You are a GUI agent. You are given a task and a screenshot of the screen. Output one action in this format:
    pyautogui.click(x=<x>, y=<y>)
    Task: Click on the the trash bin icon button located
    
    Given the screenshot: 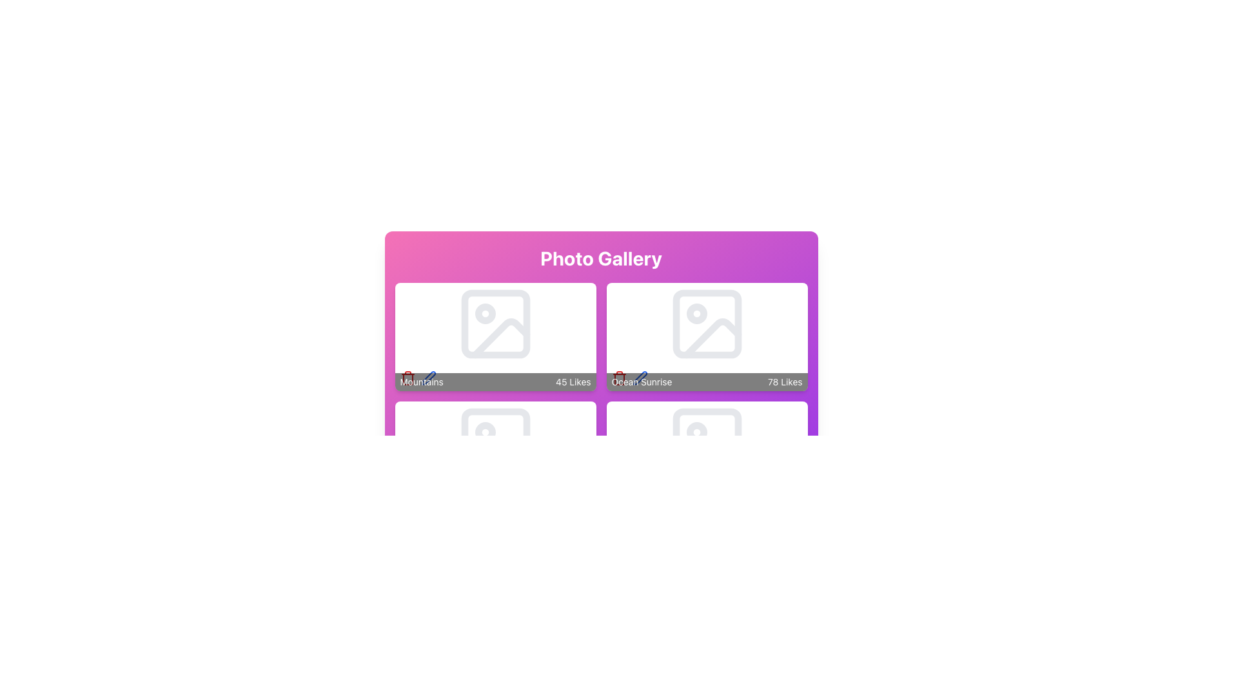 What is the action you would take?
    pyautogui.click(x=619, y=379)
    